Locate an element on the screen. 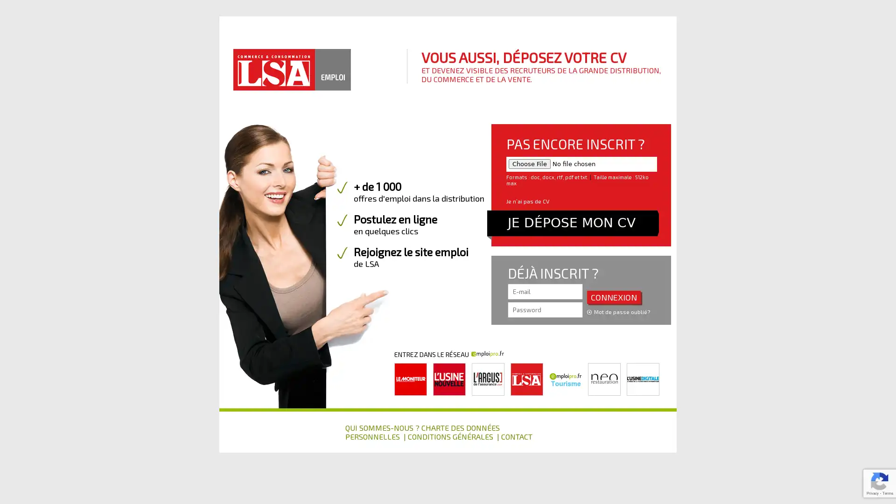 The height and width of the screenshot is (504, 896). CONNEXION is located at coordinates (613, 297).